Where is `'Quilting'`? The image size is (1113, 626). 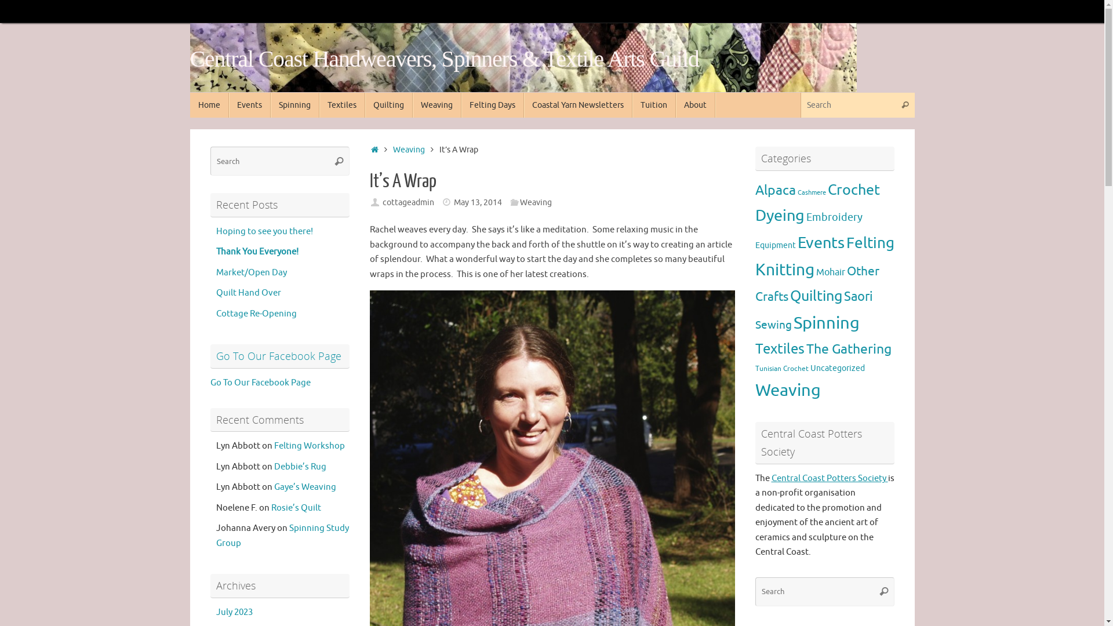 'Quilting' is located at coordinates (364, 105).